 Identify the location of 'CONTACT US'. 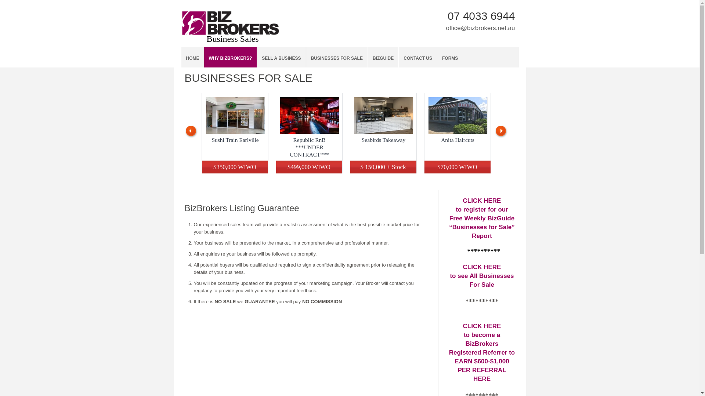
(417, 57).